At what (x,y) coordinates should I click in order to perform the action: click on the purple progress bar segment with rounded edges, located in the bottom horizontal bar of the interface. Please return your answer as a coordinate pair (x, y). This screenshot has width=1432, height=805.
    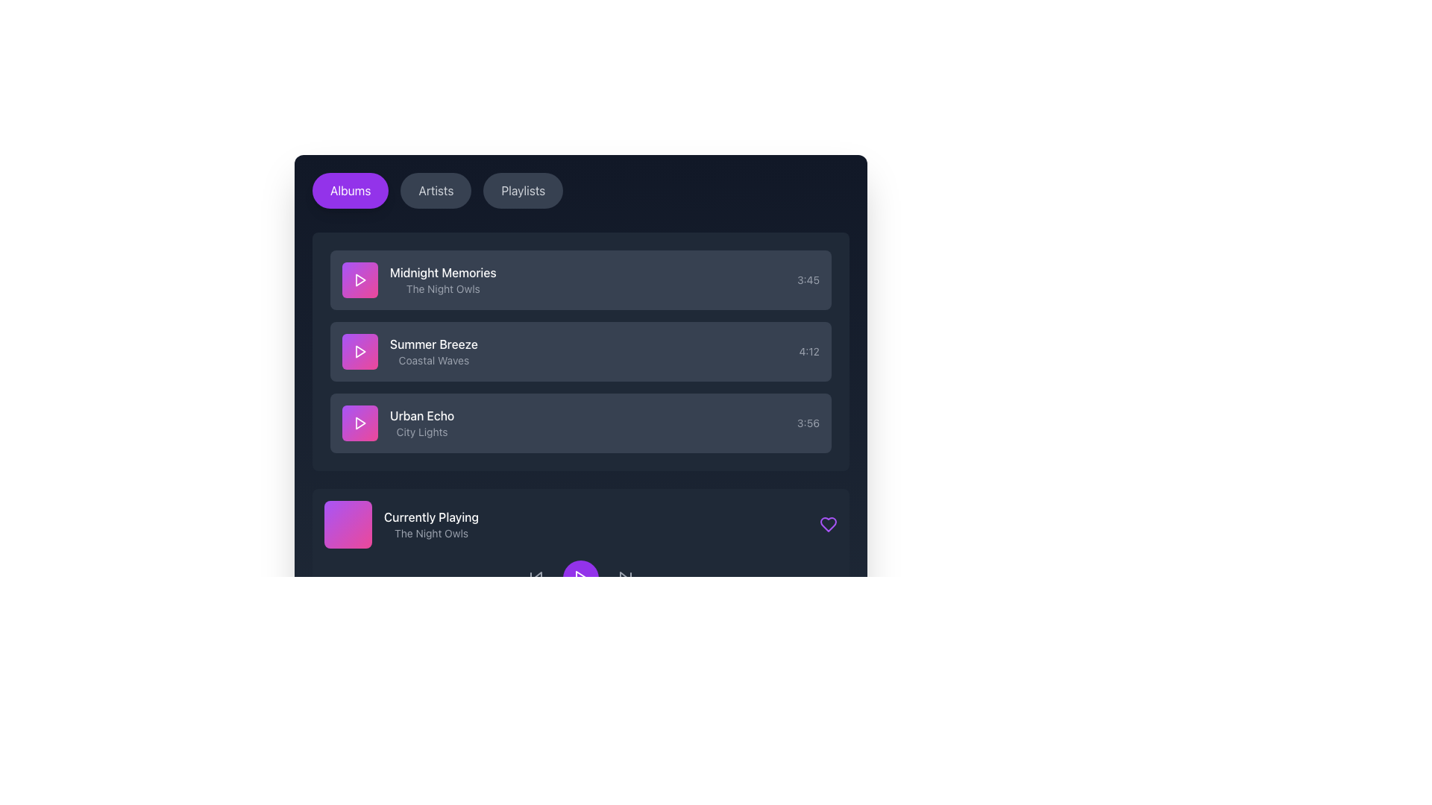
    Looking at the image, I should click on (428, 617).